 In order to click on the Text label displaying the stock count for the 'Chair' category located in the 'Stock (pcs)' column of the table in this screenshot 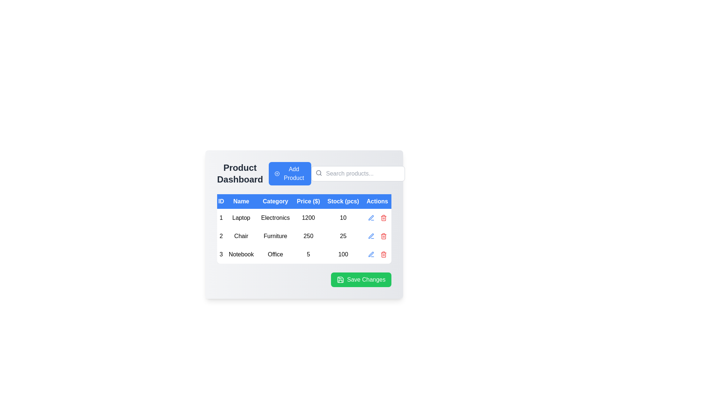, I will do `click(343, 236)`.